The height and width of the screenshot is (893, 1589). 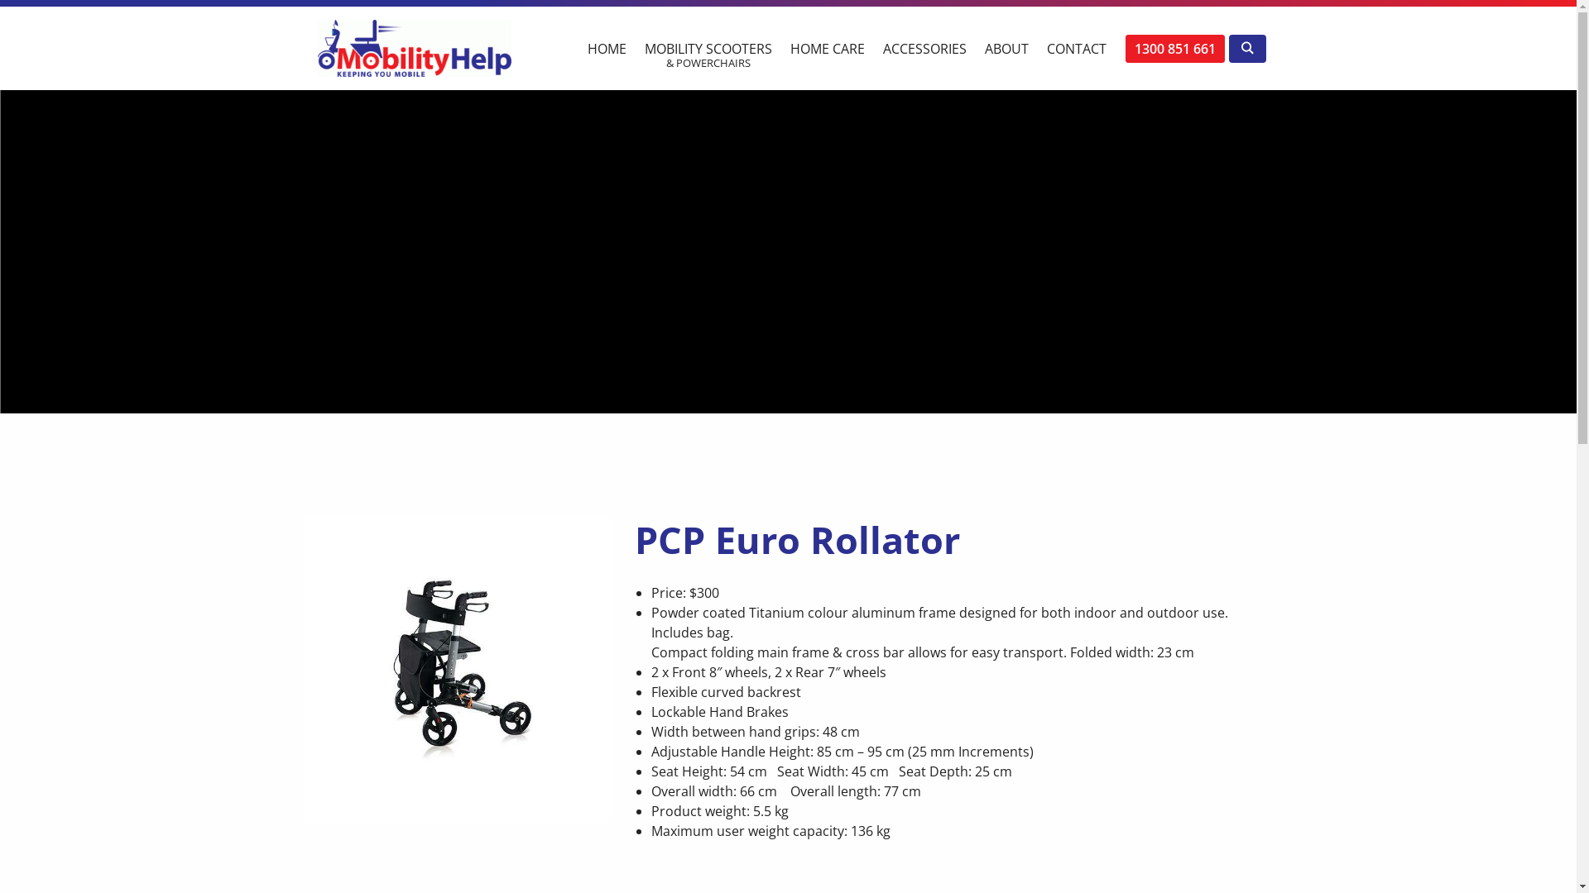 I want to click on 'CONTACT', so click(x=1076, y=40).